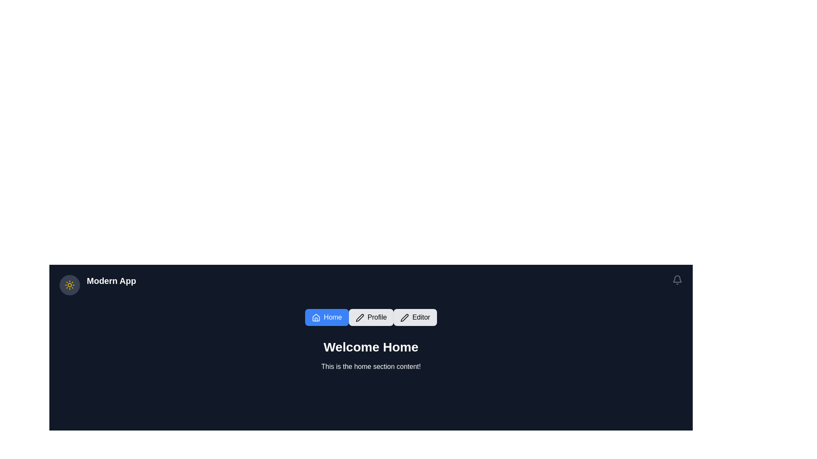  Describe the element at coordinates (677, 280) in the screenshot. I see `the notification icon located at the rightmost edge of the header row, which is visually isolated from other elements` at that location.